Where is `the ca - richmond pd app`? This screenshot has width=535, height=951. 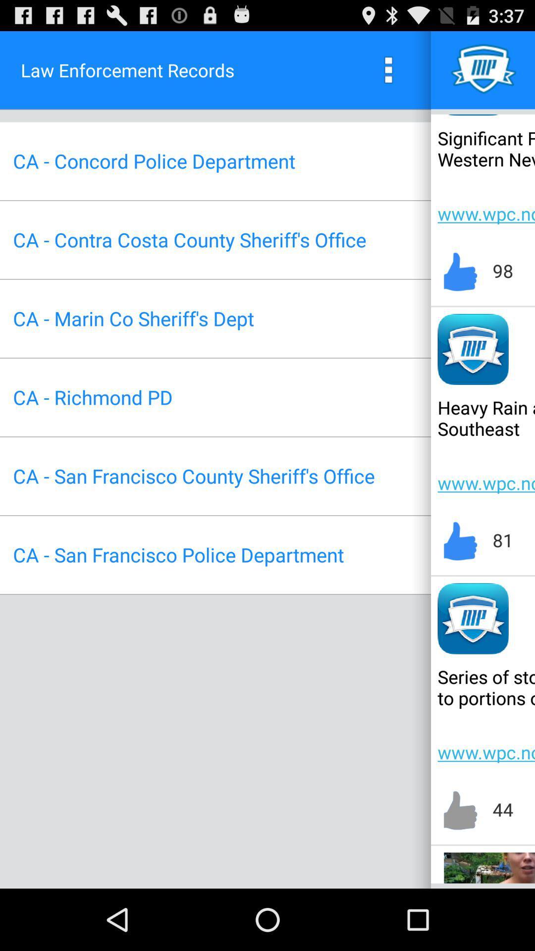
the ca - richmond pd app is located at coordinates (93, 397).